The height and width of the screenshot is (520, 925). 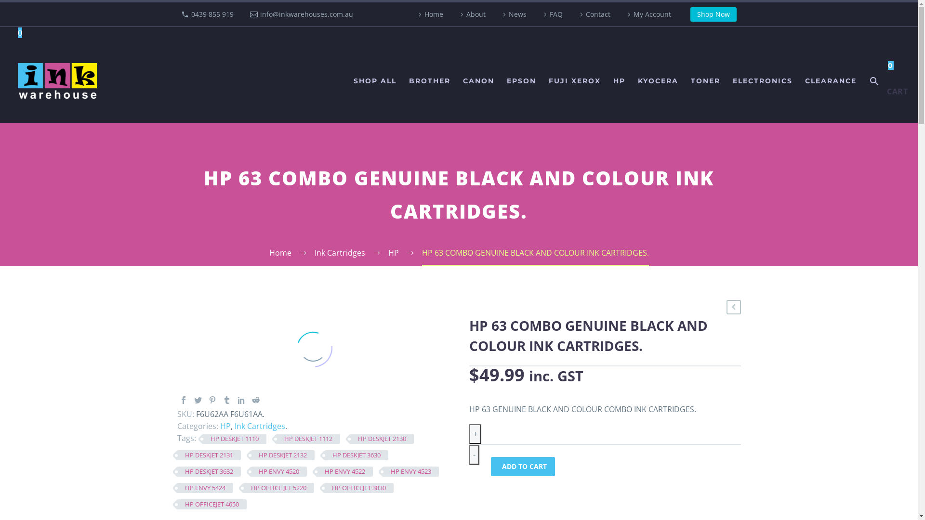 I want to click on 'Ink Cartridges', so click(x=259, y=425).